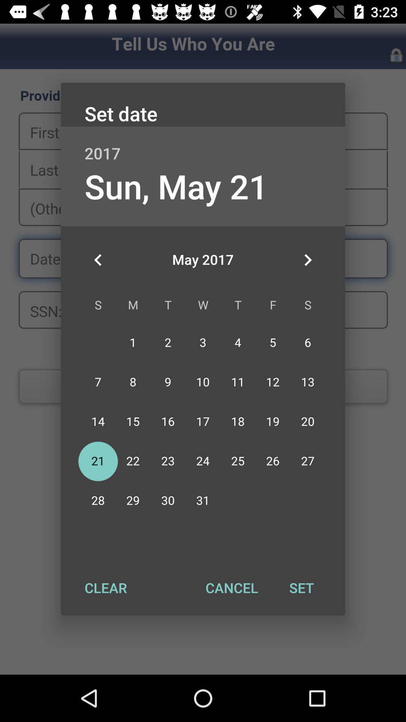  What do you see at coordinates (176, 186) in the screenshot?
I see `the sun, may 21 icon` at bounding box center [176, 186].